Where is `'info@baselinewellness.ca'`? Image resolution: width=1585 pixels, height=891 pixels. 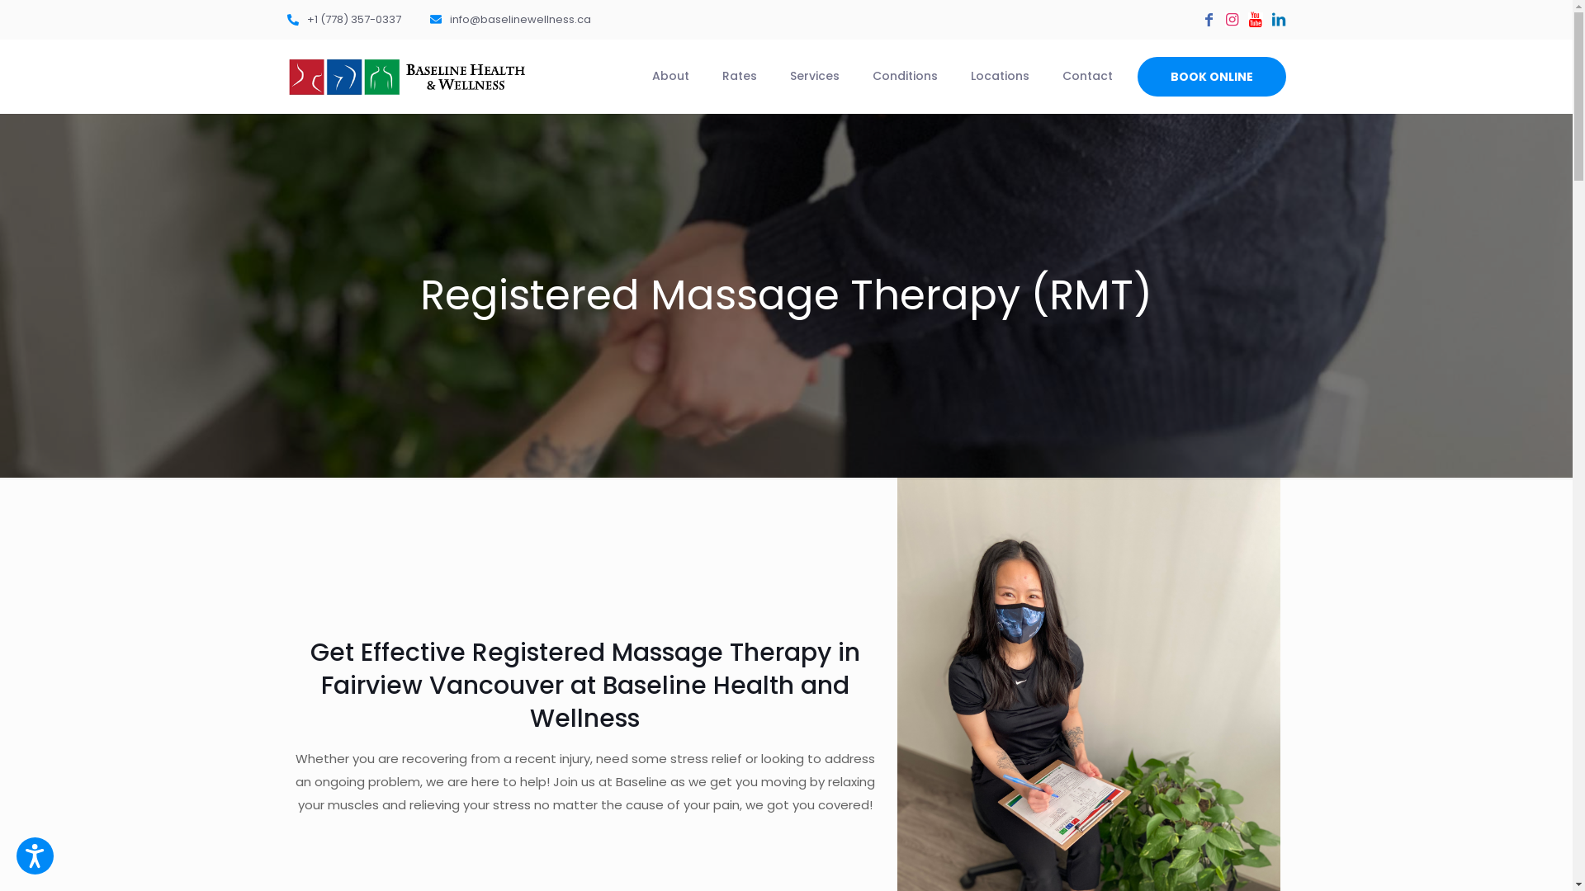 'info@baselinewellness.ca' is located at coordinates (509, 19).